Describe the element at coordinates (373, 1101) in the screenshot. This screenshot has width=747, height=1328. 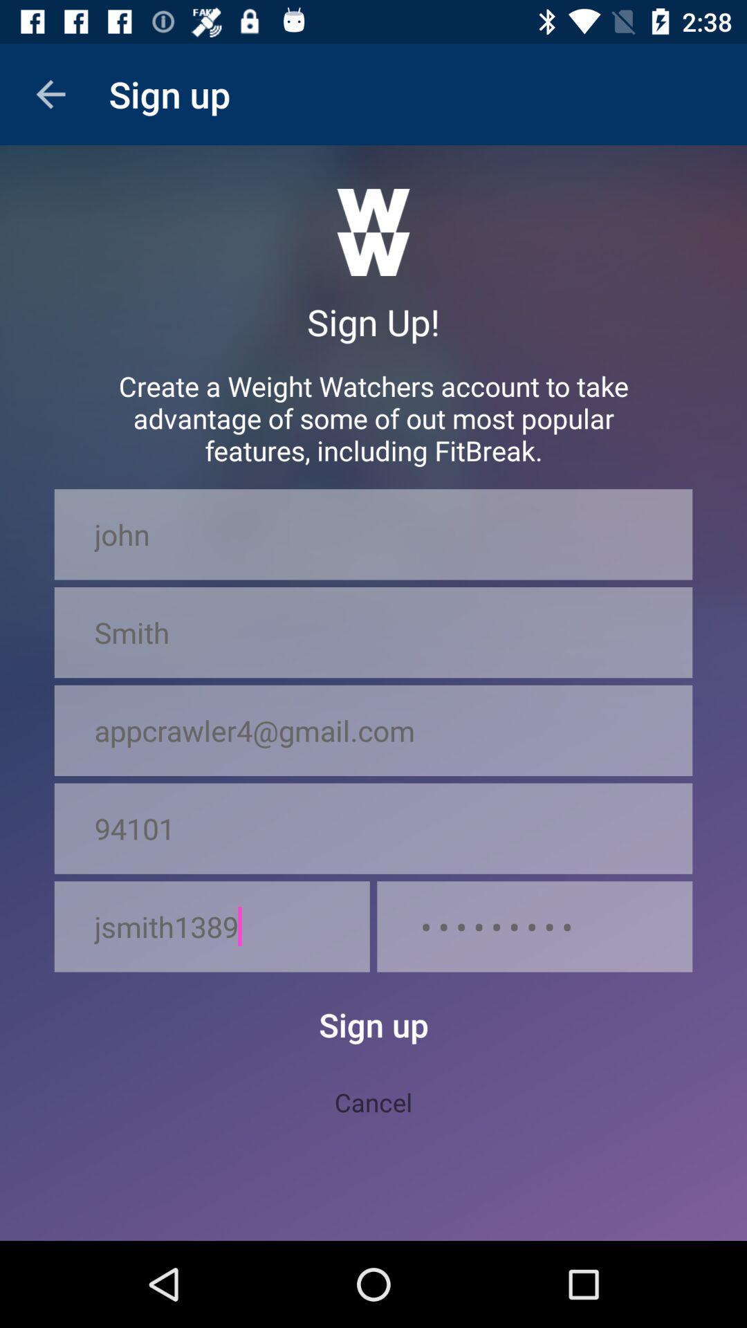
I see `item below the sign up` at that location.